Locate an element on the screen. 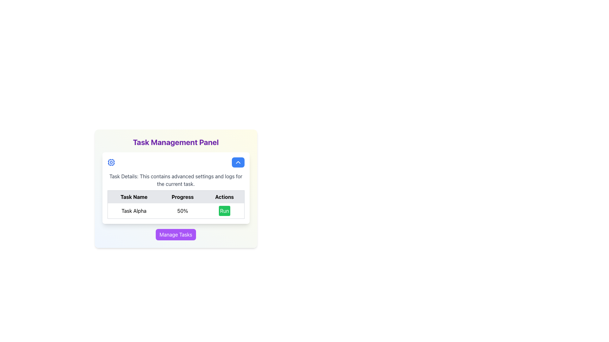  the 'Manage Tasks' button, which is a rectangular button with white text on a purple background, located at the bottom center of the 'Task Management Panel' is located at coordinates (176, 234).